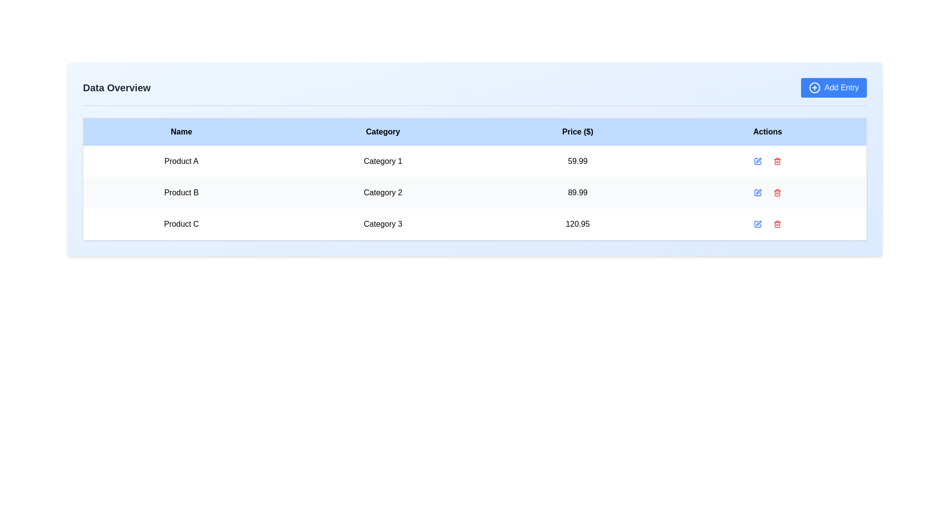 The height and width of the screenshot is (530, 943). Describe the element at coordinates (777, 160) in the screenshot. I see `the delete button icon in the 'Actions' column for 'Product B'` at that location.